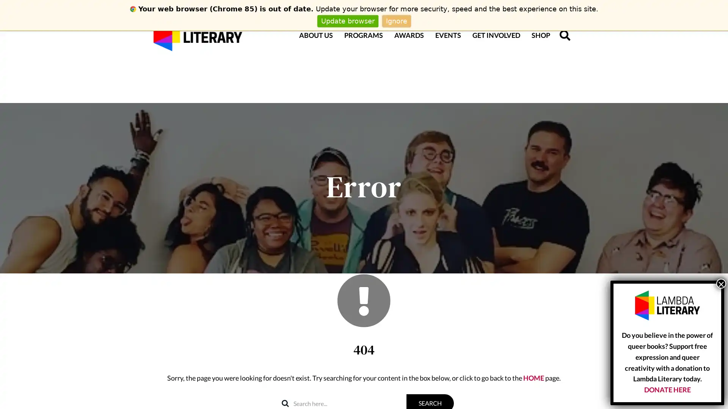 This screenshot has width=728, height=409. What do you see at coordinates (720, 283) in the screenshot?
I see `Close` at bounding box center [720, 283].